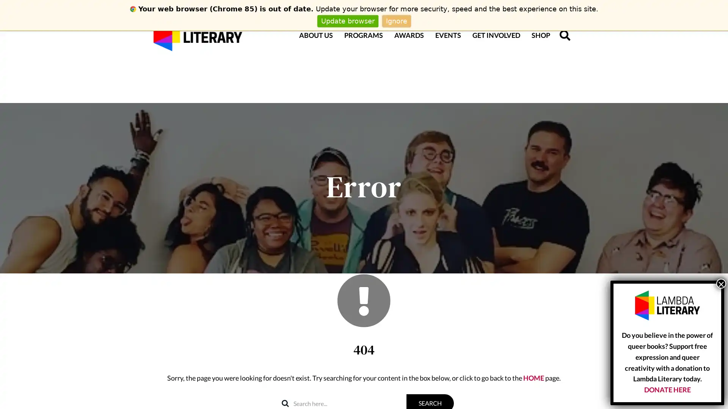 This screenshot has width=728, height=409. What do you see at coordinates (720, 283) in the screenshot?
I see `Close` at bounding box center [720, 283].